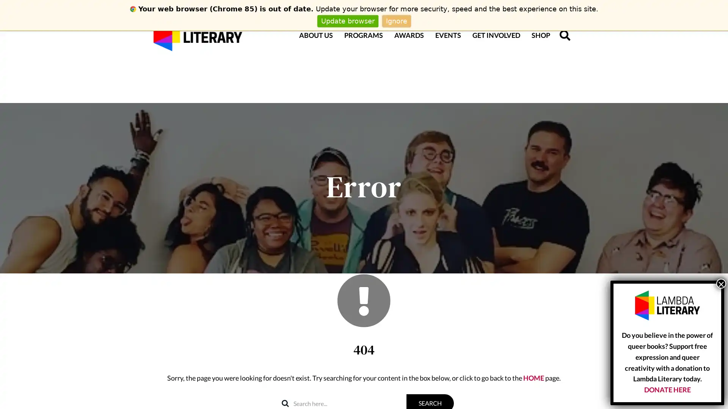 This screenshot has width=728, height=409. What do you see at coordinates (720, 283) in the screenshot?
I see `Close` at bounding box center [720, 283].